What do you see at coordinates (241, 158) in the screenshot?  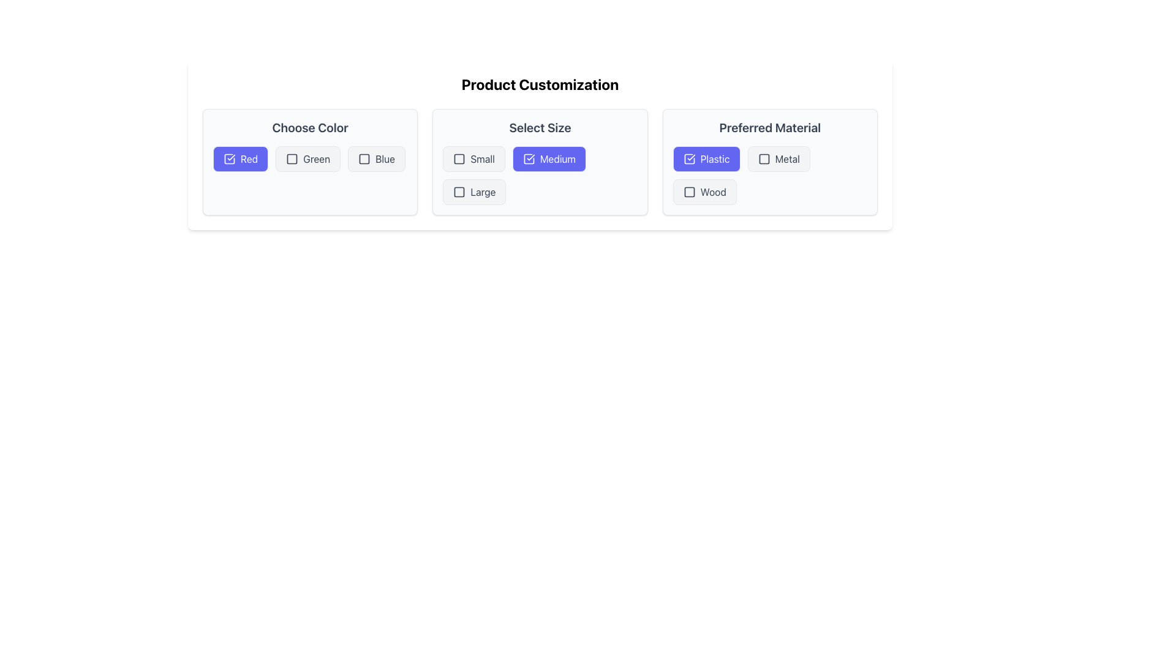 I see `the 'Red' button in the 'Choose Color' section for keyboard navigation` at bounding box center [241, 158].